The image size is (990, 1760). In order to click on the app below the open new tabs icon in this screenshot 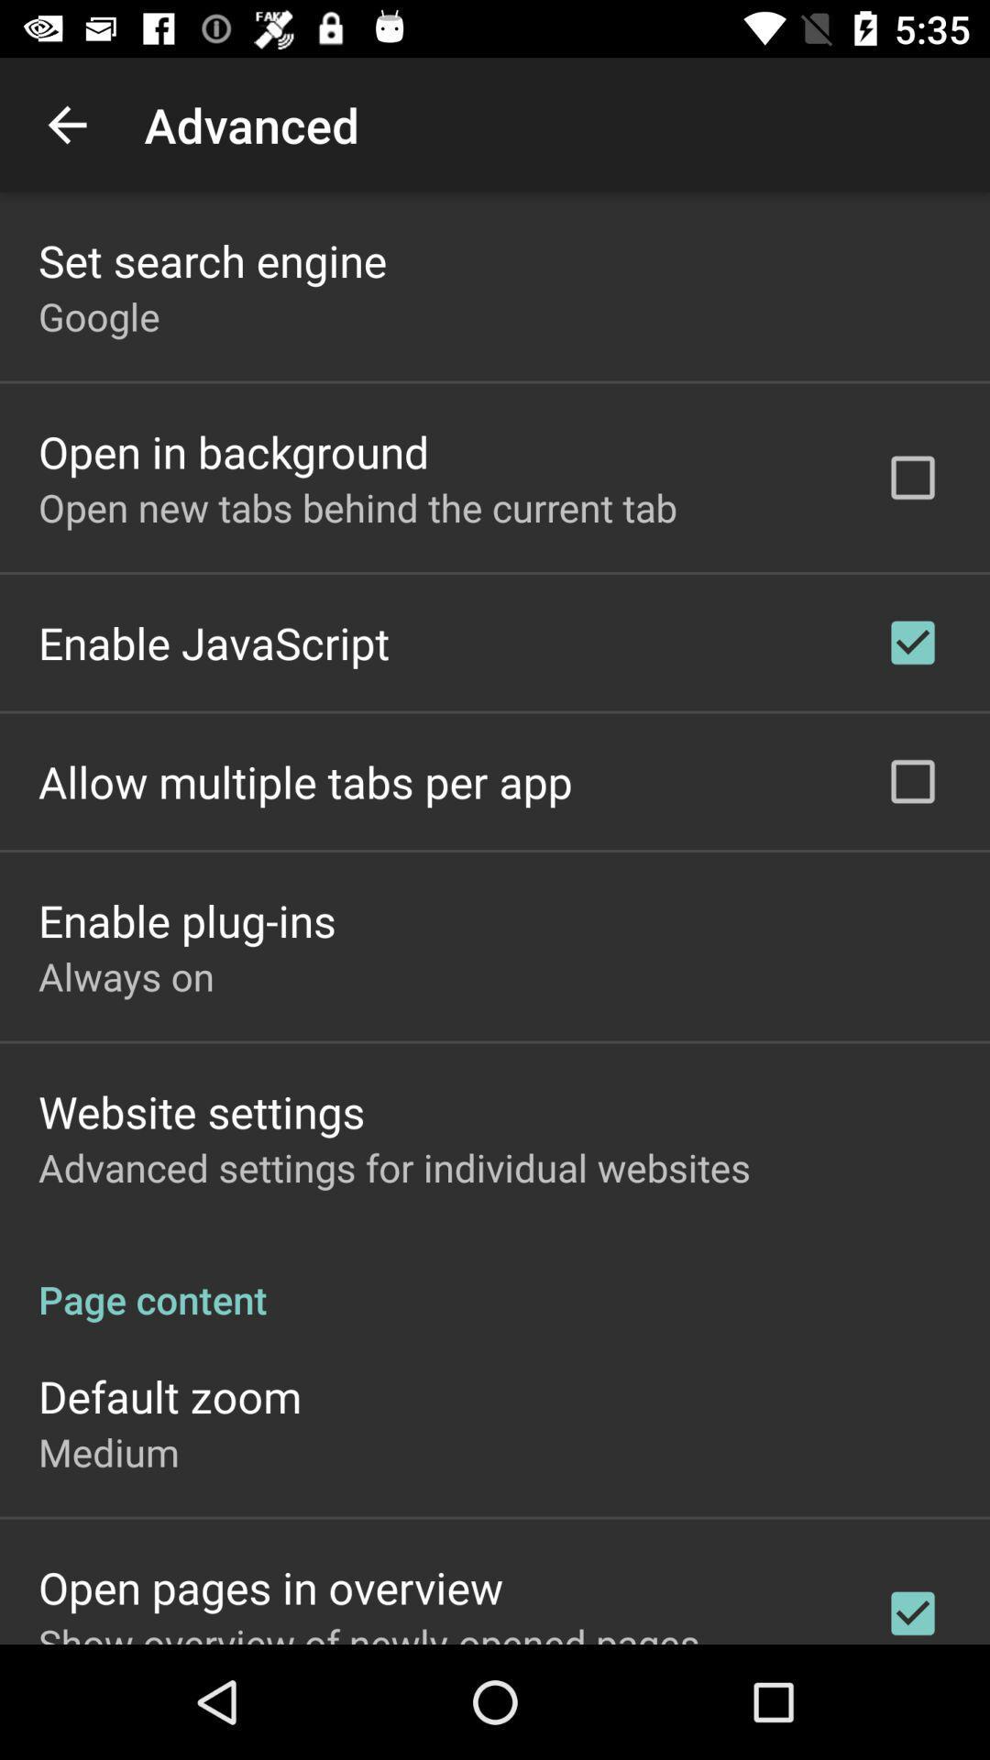, I will do `click(213, 643)`.